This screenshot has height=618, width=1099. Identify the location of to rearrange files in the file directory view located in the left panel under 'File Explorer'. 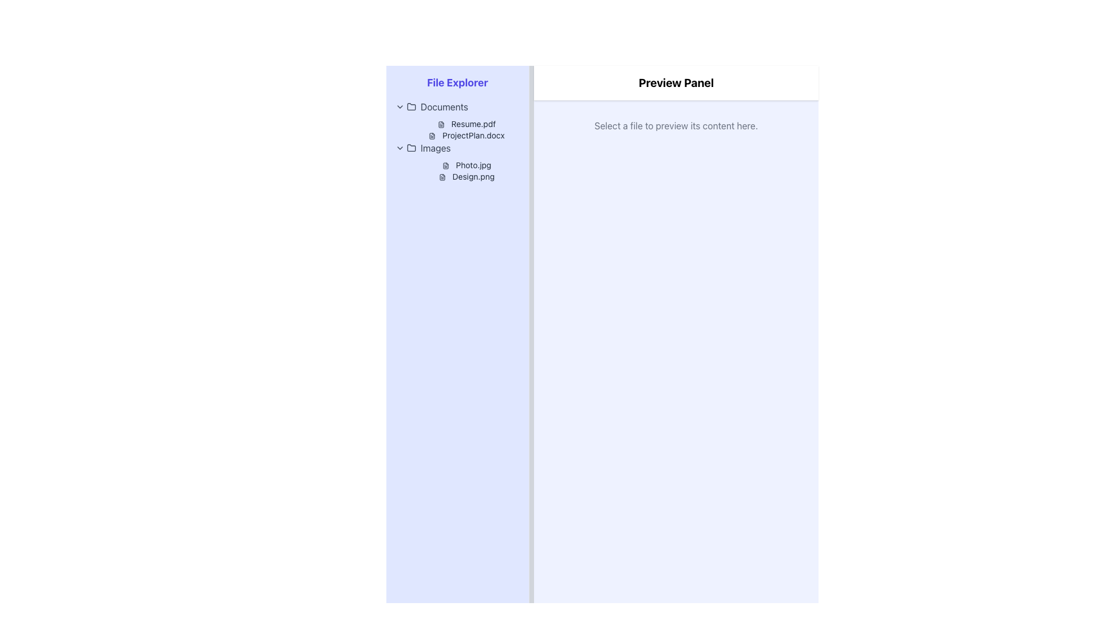
(457, 140).